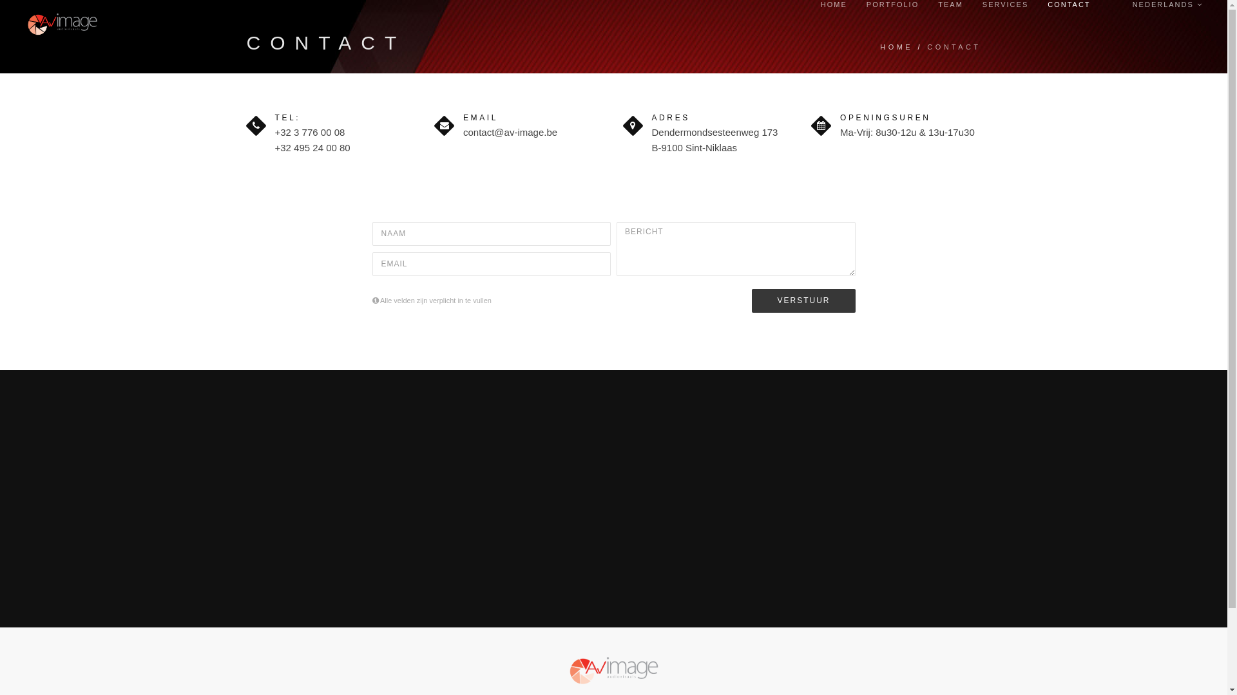  Describe the element at coordinates (982, 5) in the screenshot. I see `'SERVICES'` at that location.